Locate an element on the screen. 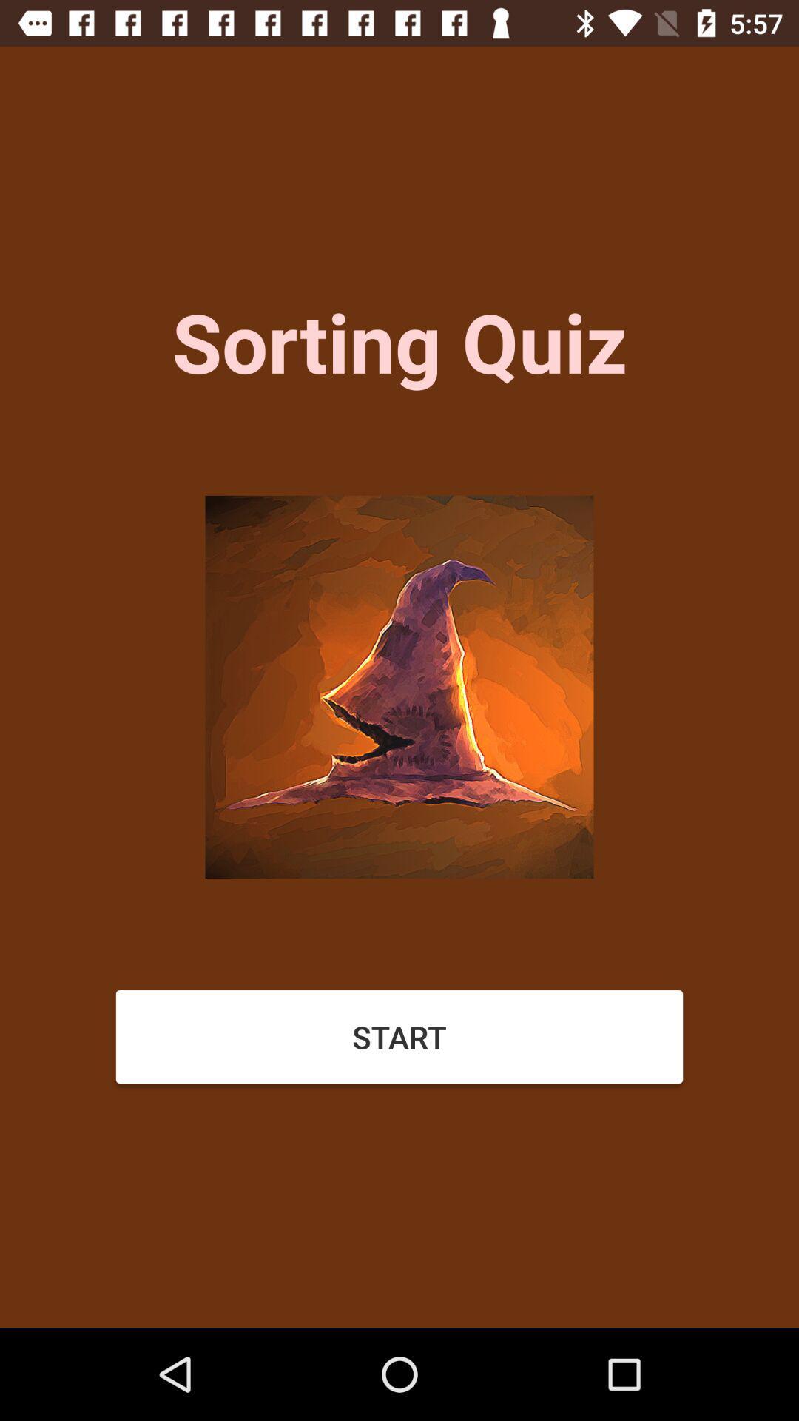 This screenshot has width=799, height=1421. the start icon is located at coordinates (399, 1036).